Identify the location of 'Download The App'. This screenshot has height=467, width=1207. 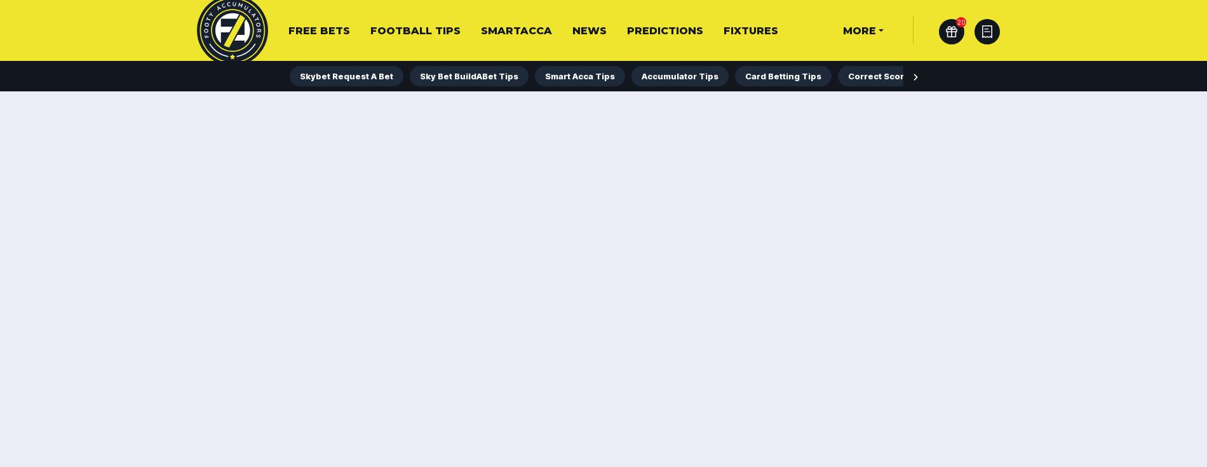
(349, 52).